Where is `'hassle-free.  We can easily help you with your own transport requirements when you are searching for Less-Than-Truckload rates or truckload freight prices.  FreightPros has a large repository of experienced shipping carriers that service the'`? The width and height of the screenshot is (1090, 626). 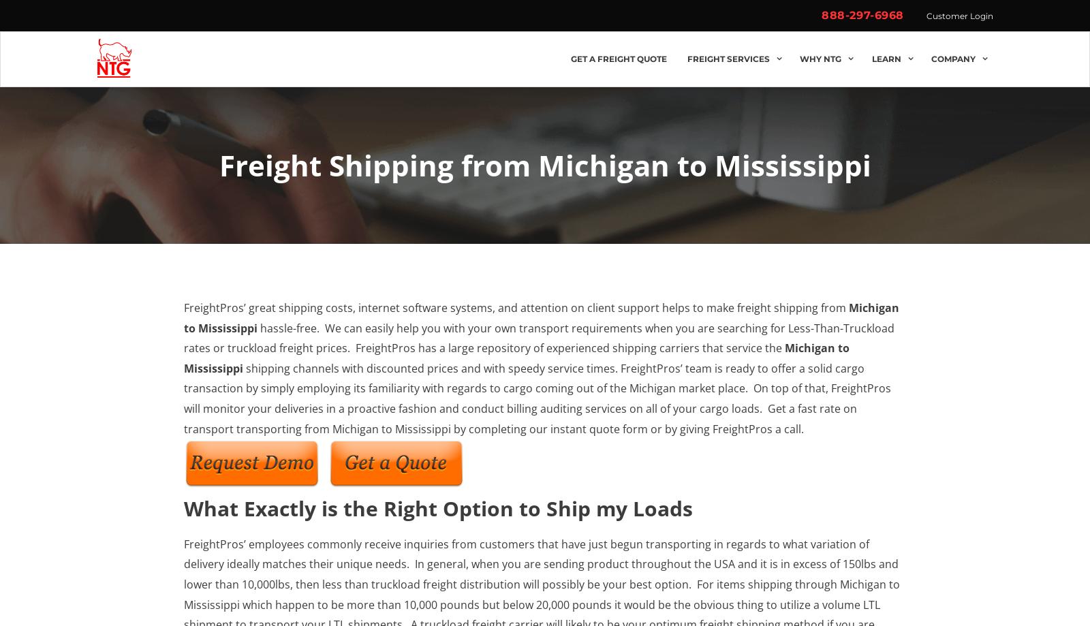
'hassle-free.  We can easily help you with your own transport requirements when you are searching for Less-Than-Truckload rates or truckload freight prices.  FreightPros has a large repository of experienced shipping carriers that service the' is located at coordinates (539, 337).